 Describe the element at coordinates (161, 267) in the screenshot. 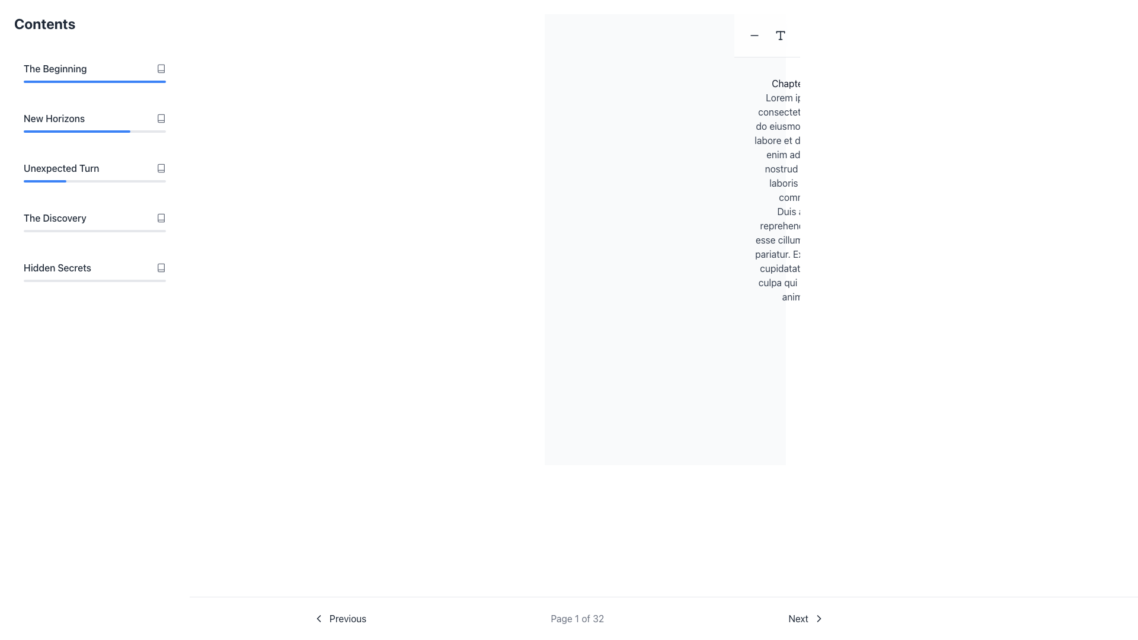

I see `the book icon adjacent to the text label 'Hidden Secrets', which has a symmetrical outline and is gray in color` at that location.